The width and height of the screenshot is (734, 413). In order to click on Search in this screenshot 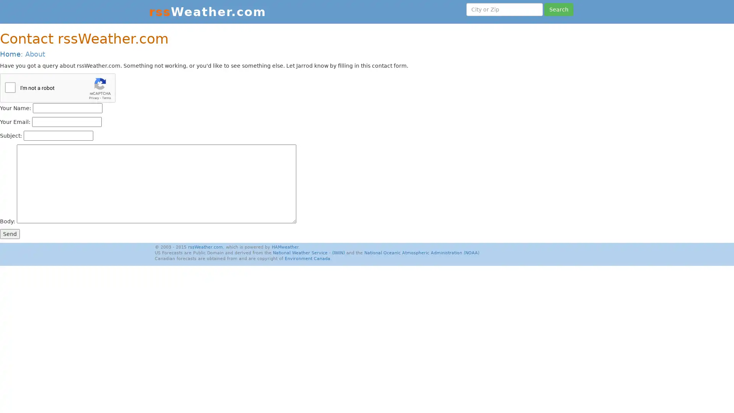, I will do `click(559, 9)`.